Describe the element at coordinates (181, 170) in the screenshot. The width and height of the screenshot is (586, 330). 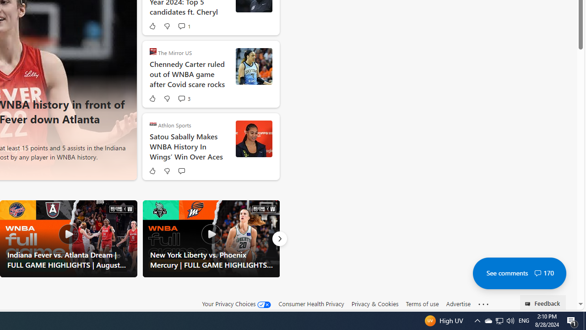
I see `'Start the conversation'` at that location.